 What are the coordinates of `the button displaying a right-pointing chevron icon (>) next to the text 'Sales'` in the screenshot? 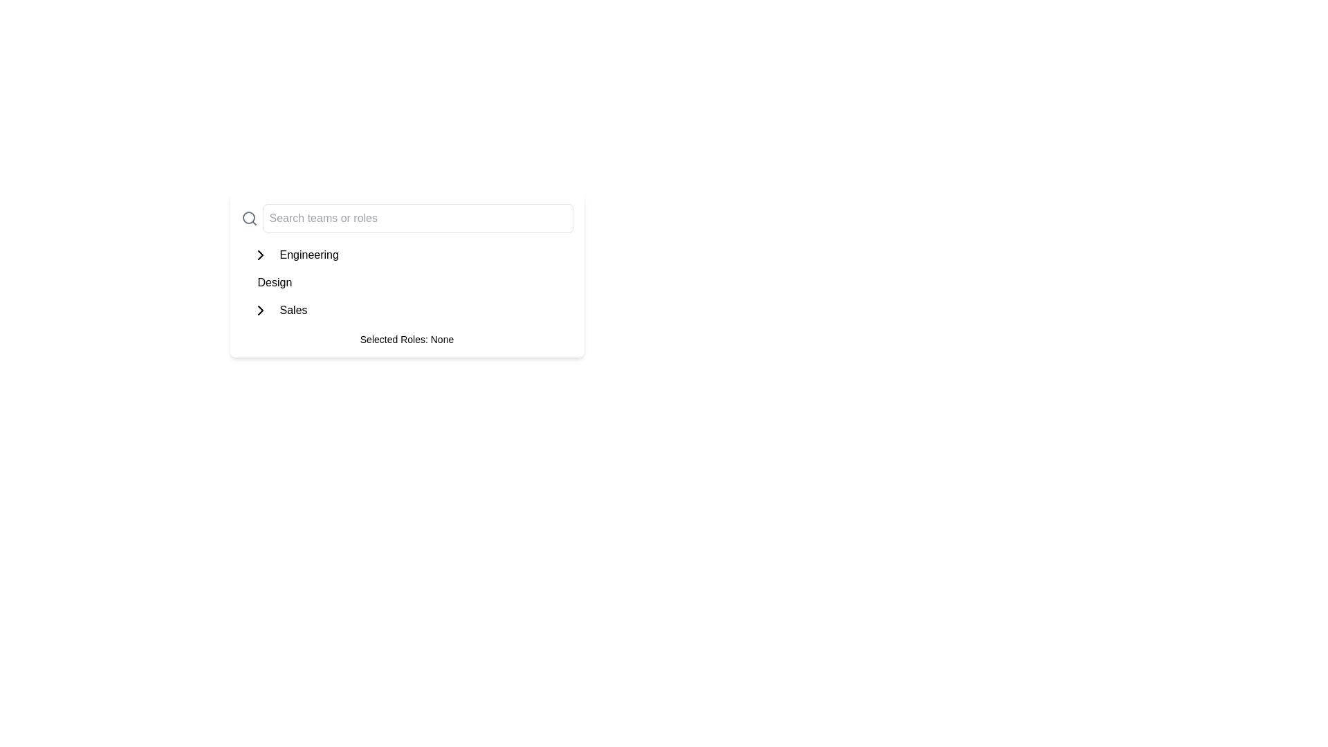 It's located at (260, 309).